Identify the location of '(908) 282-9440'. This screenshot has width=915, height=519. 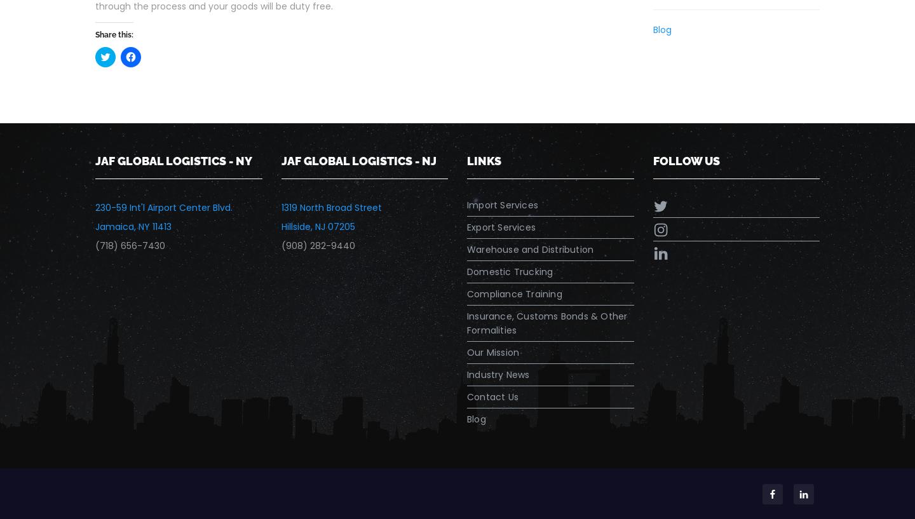
(280, 245).